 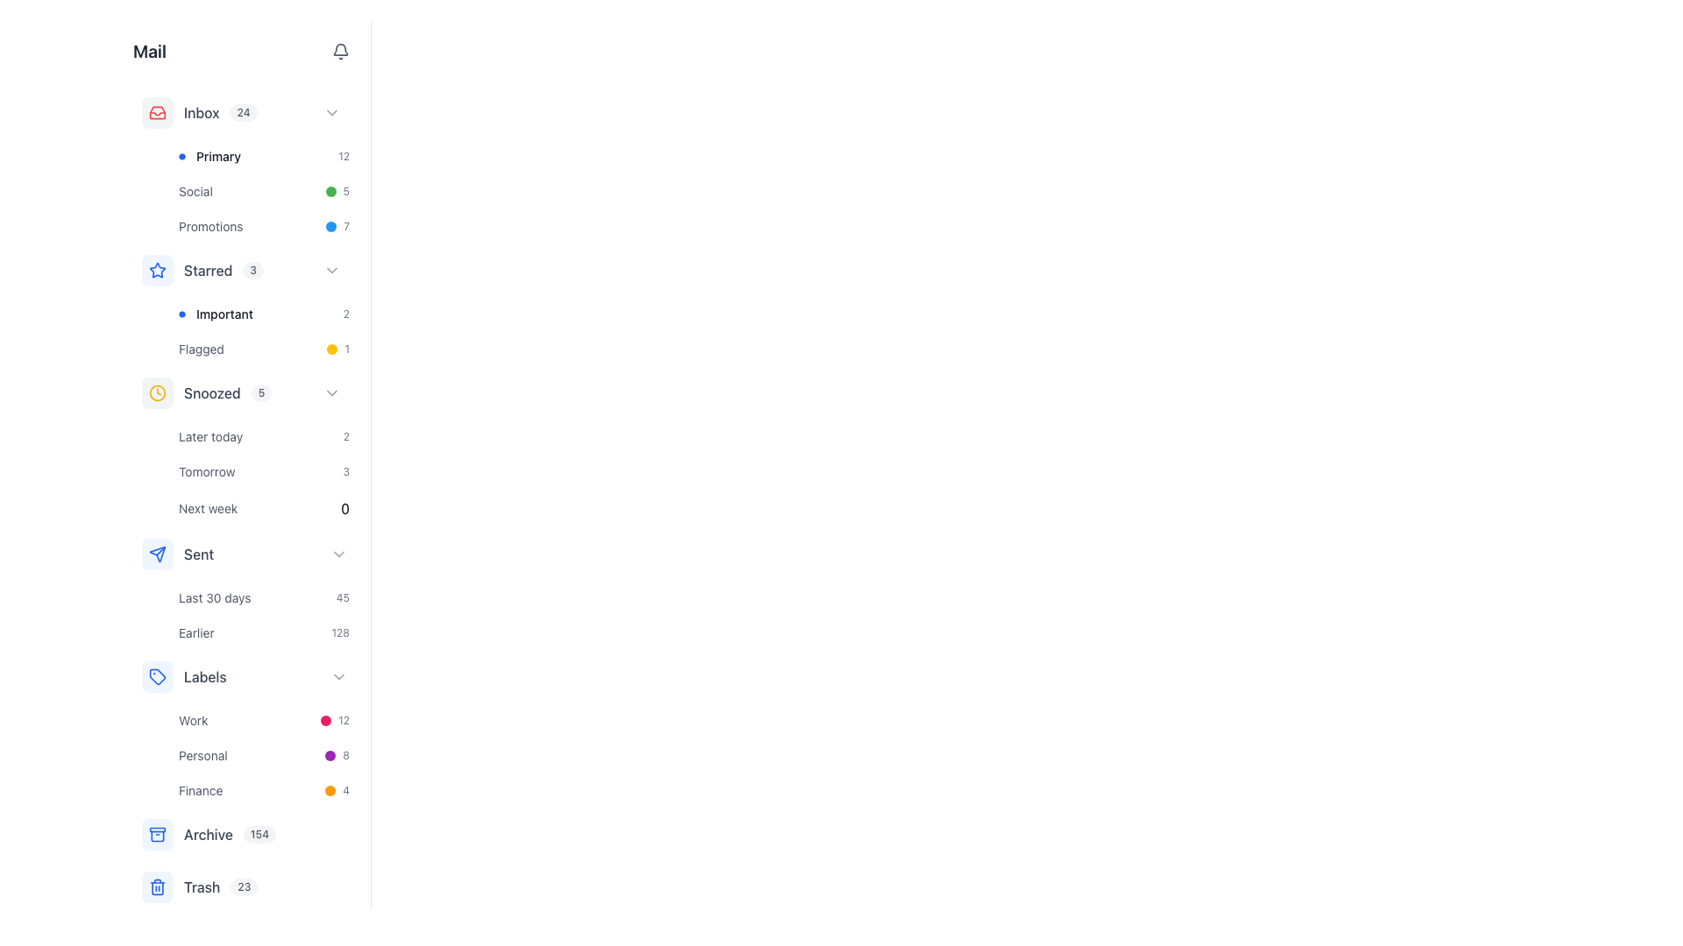 I want to click on the 'Earlier' label displayed in small gray font, located in the left sidebar within the 'Sent' section, so click(x=196, y=632).